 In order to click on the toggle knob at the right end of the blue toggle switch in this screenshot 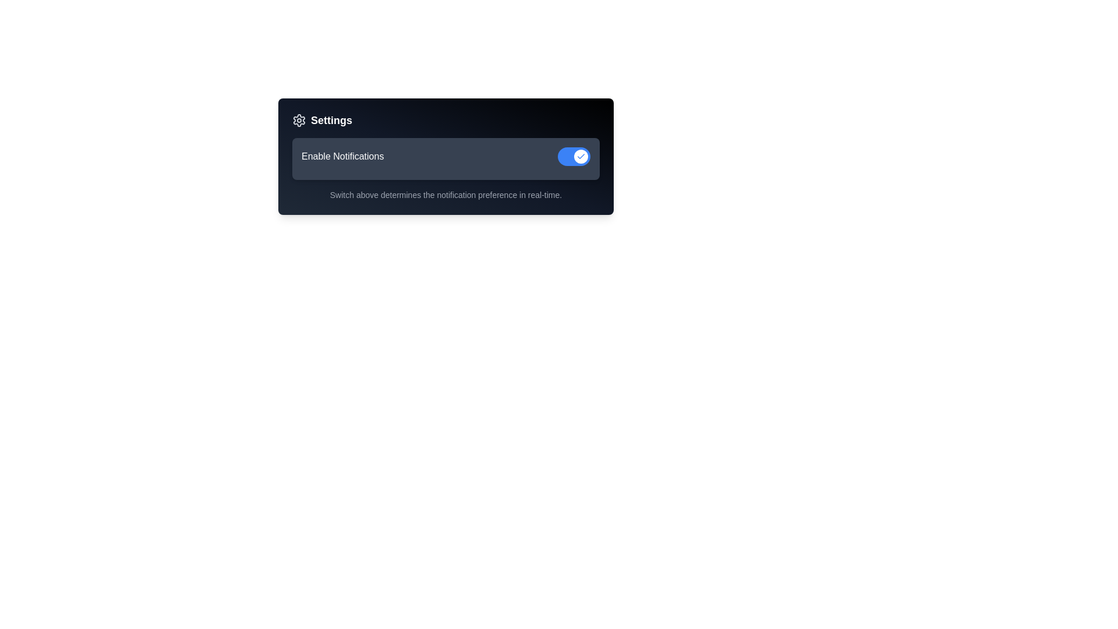, I will do `click(581, 156)`.